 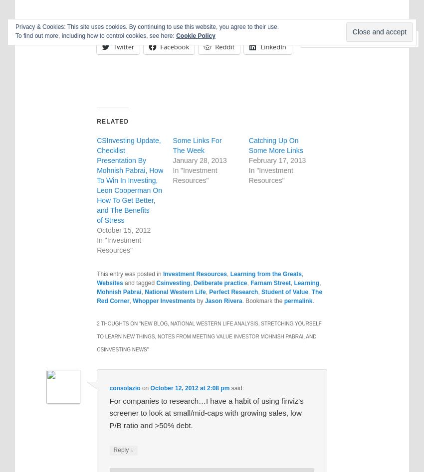 I want to click on 'Follow', so click(x=374, y=39).